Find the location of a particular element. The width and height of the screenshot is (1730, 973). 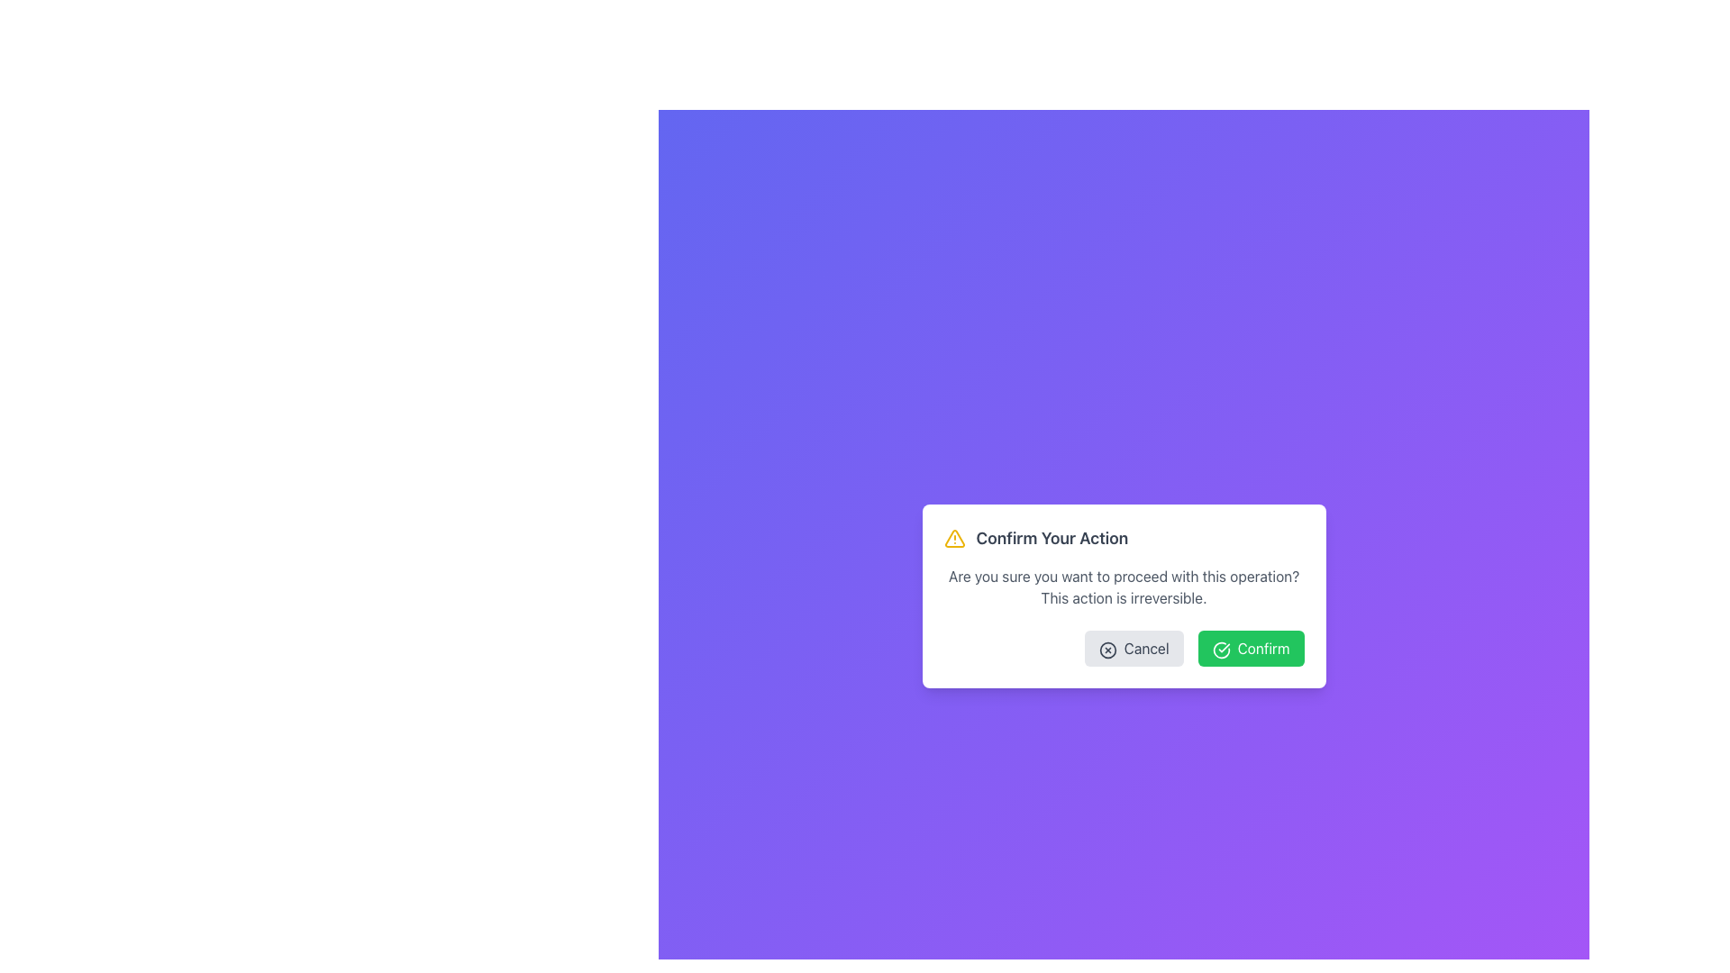

the cancel button located at the bottom-right part of the confirmation dialog box to observe the hover effects is located at coordinates (1133, 649).